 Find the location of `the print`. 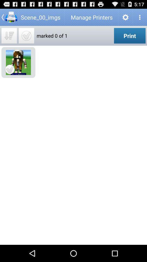

the print is located at coordinates (129, 35).